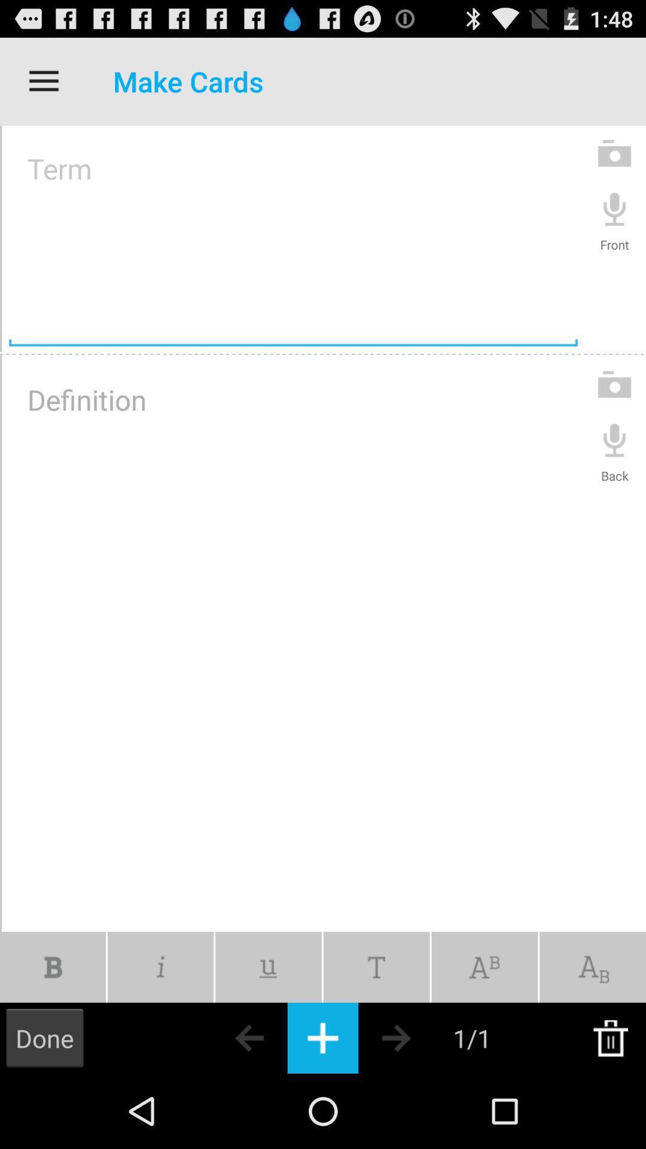  Describe the element at coordinates (44, 1037) in the screenshot. I see `the done` at that location.